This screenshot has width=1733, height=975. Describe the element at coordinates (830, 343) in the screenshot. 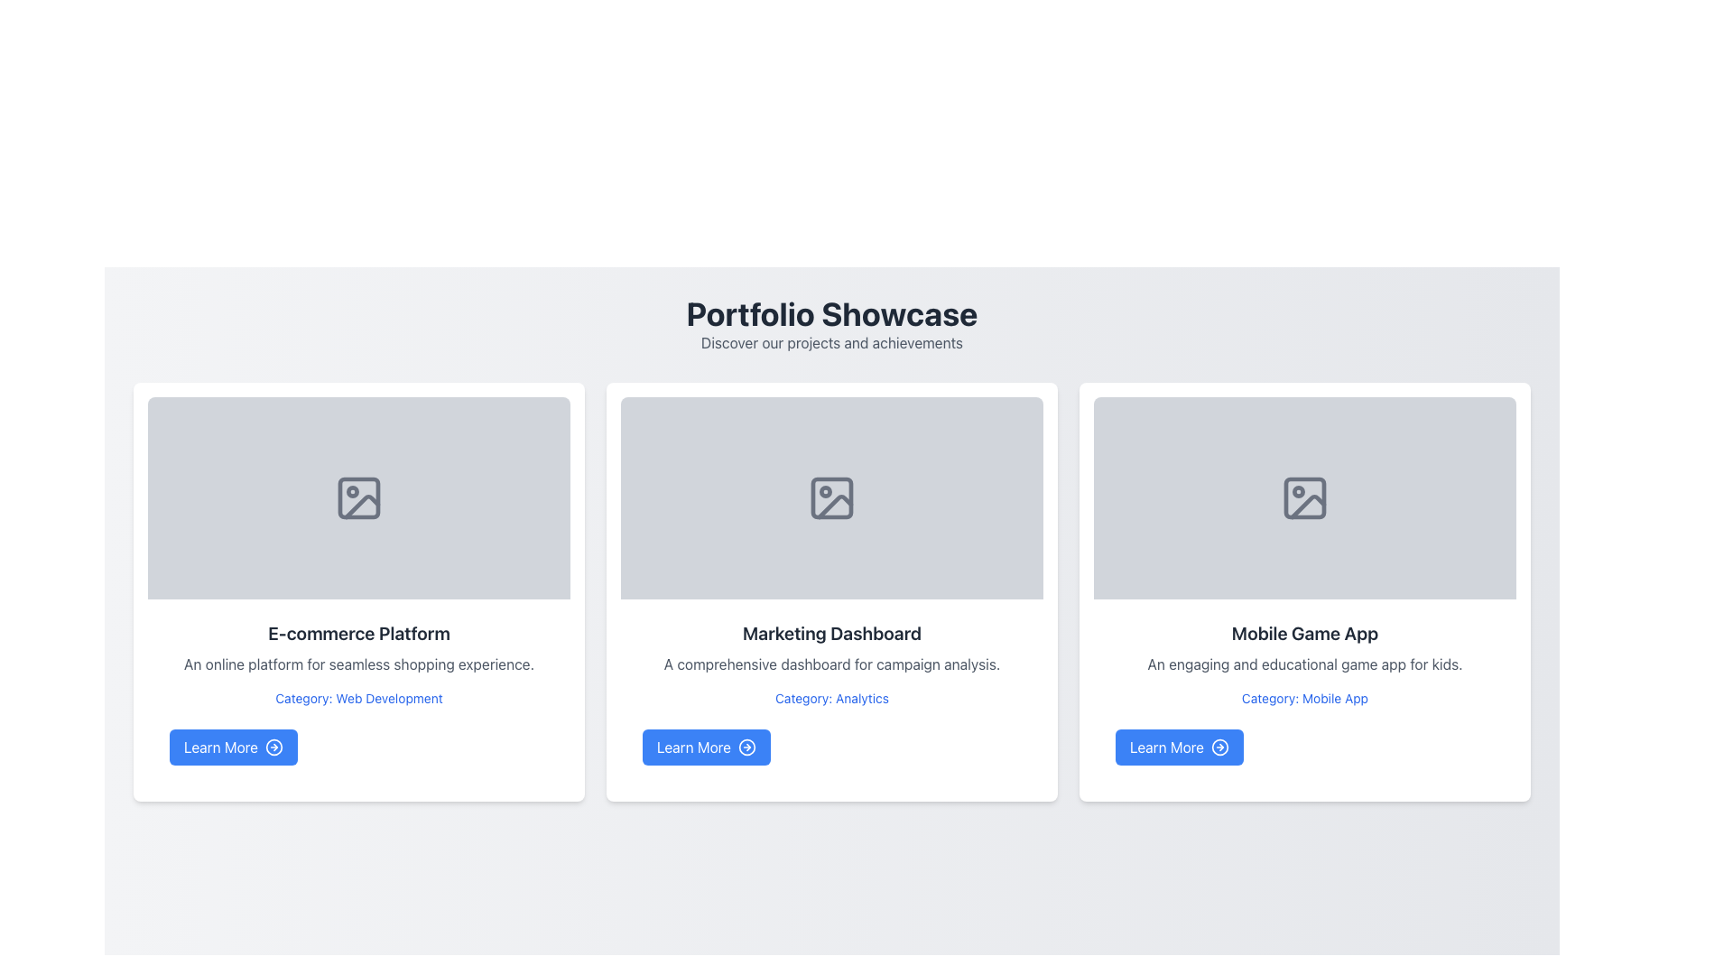

I see `the text label that reads 'Discover our projects and achievements', which is styled in gray and located below the 'Portfolio Showcase' title` at that location.